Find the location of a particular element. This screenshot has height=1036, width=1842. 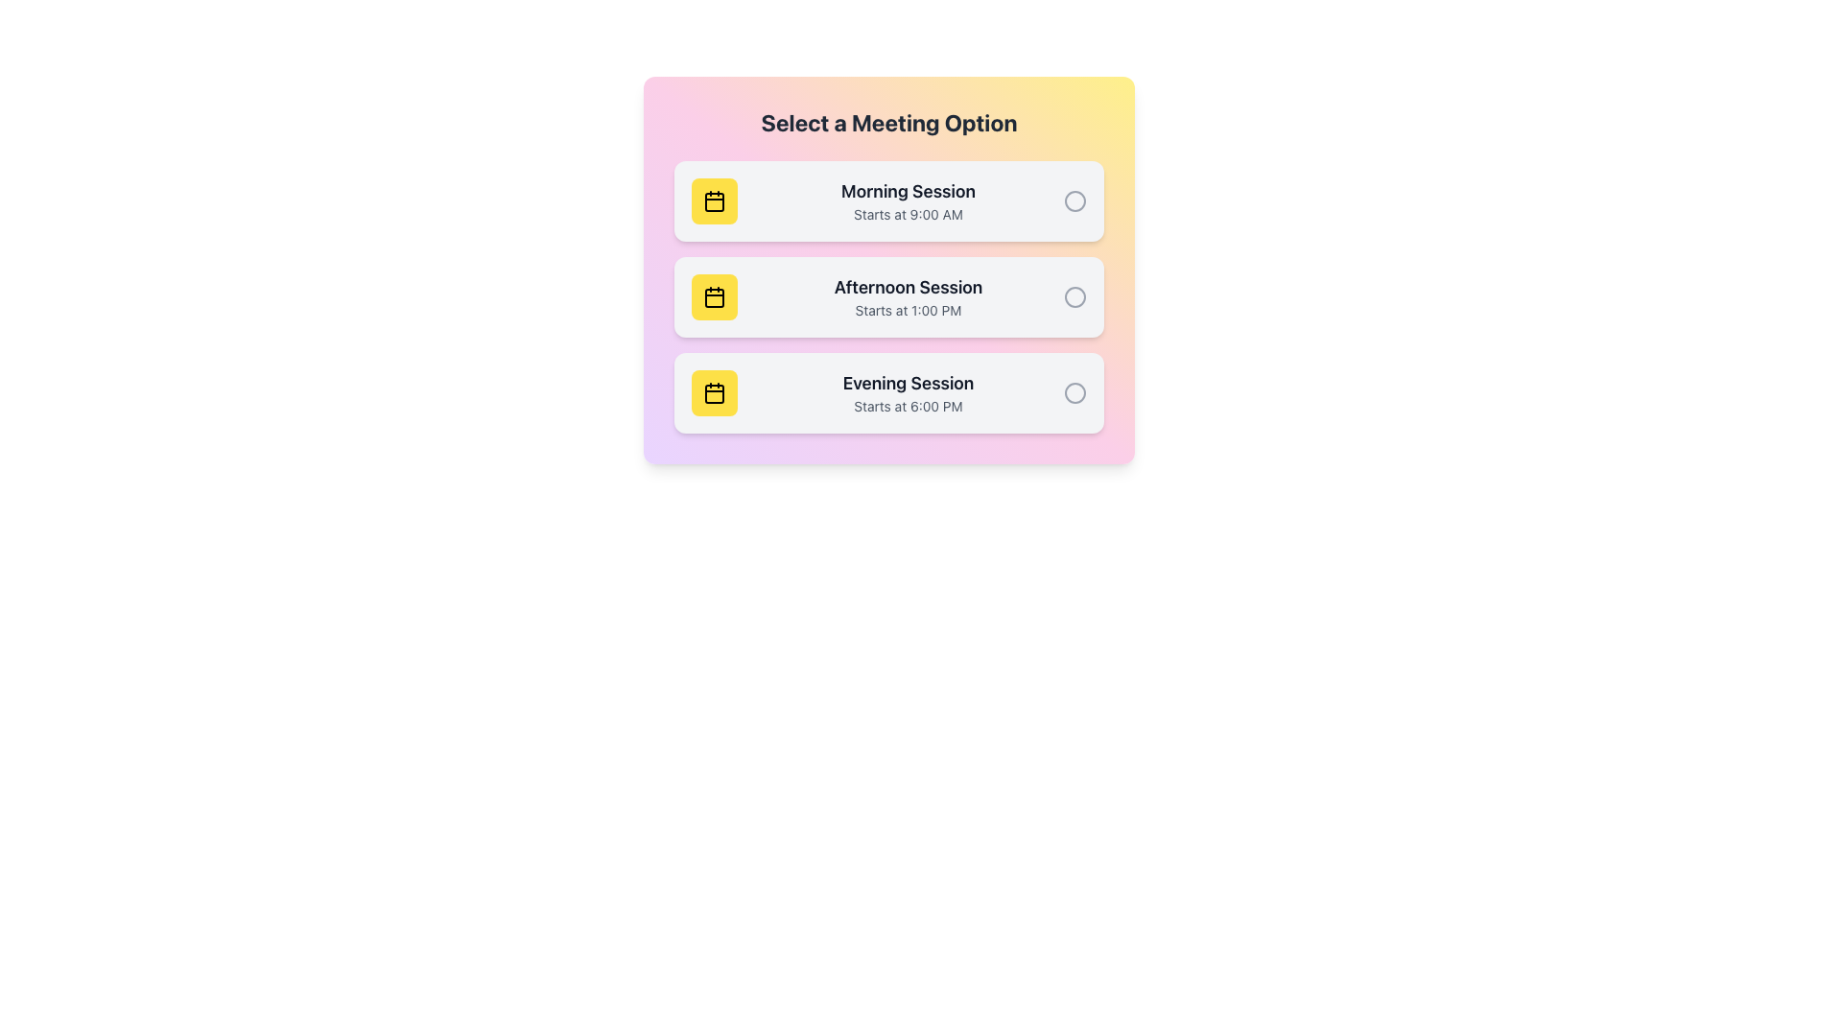

the text label reading 'Starts at 9:00 AM' is located at coordinates (907, 214).